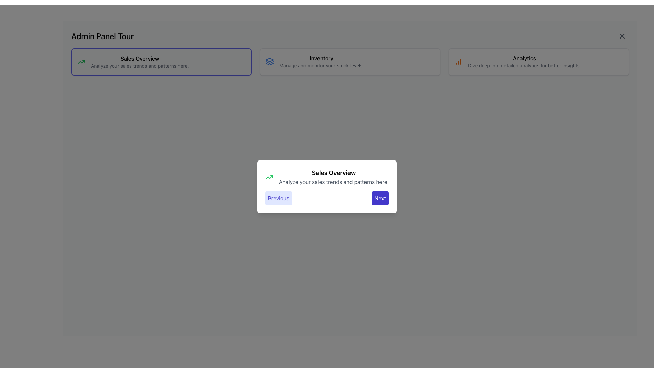  What do you see at coordinates (524, 62) in the screenshot?
I see `the 'Analytics' informational card located in the top-right section of the interface` at bounding box center [524, 62].